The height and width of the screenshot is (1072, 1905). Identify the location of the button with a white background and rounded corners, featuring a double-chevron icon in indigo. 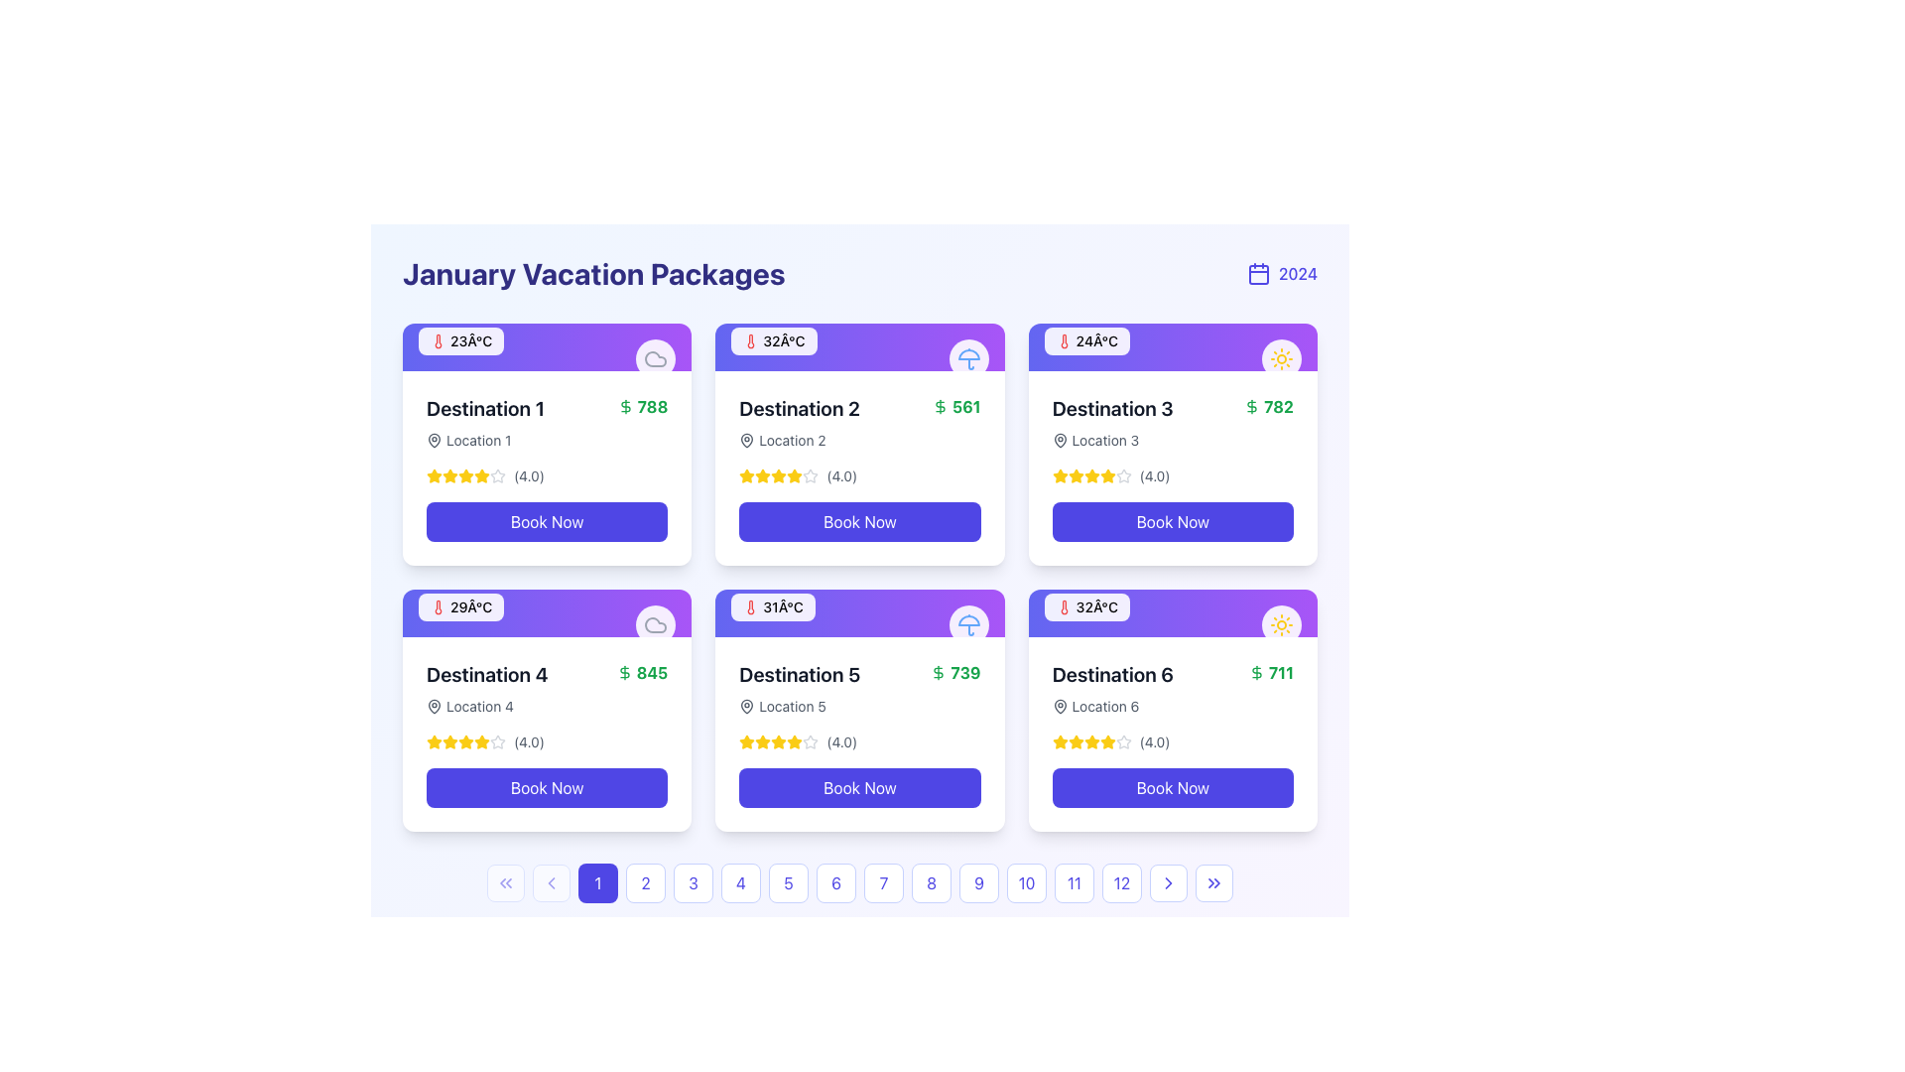
(1213, 882).